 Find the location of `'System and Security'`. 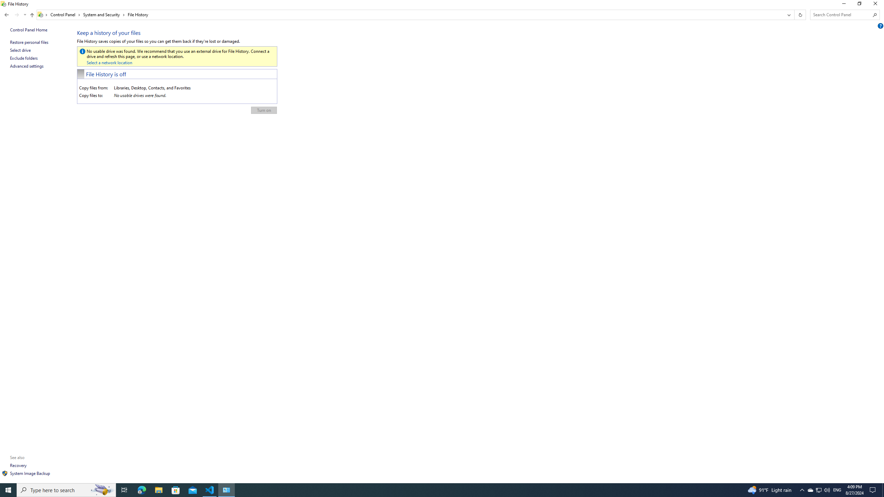

'System and Security' is located at coordinates (104, 14).